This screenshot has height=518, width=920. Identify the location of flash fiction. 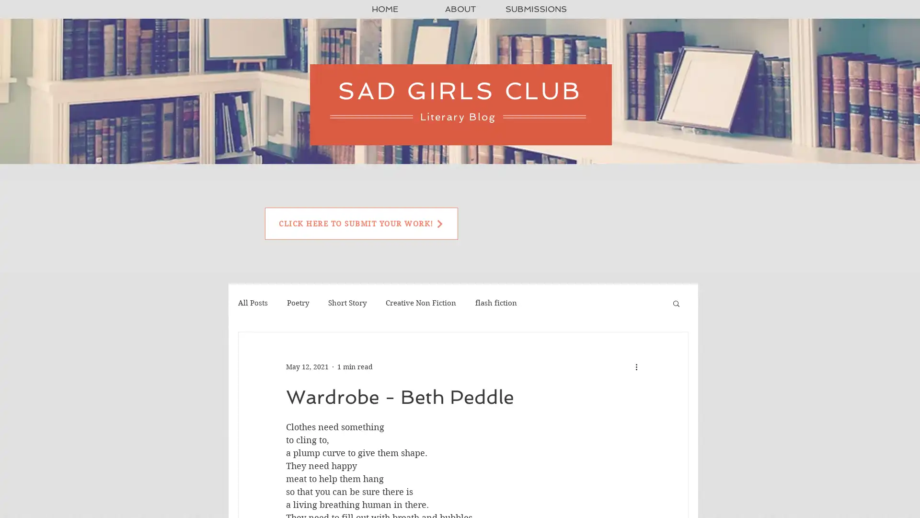
(496, 303).